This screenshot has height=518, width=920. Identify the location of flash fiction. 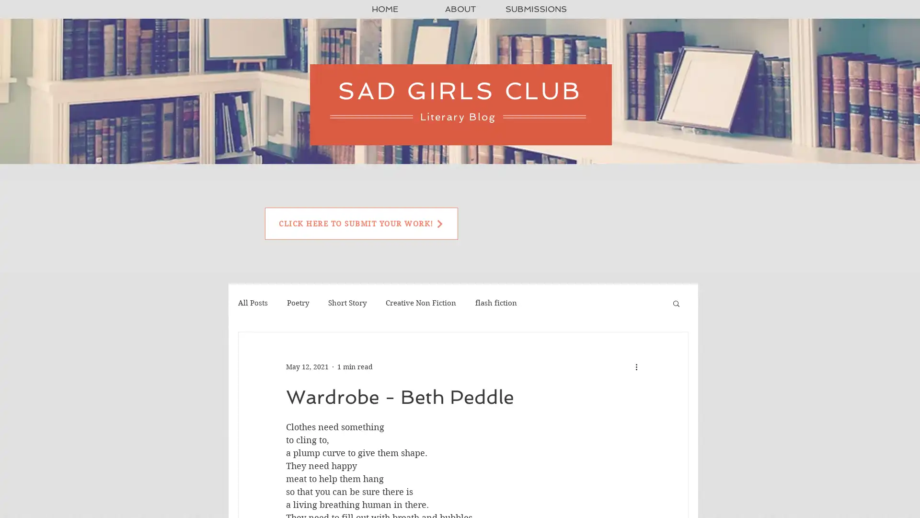
(496, 303).